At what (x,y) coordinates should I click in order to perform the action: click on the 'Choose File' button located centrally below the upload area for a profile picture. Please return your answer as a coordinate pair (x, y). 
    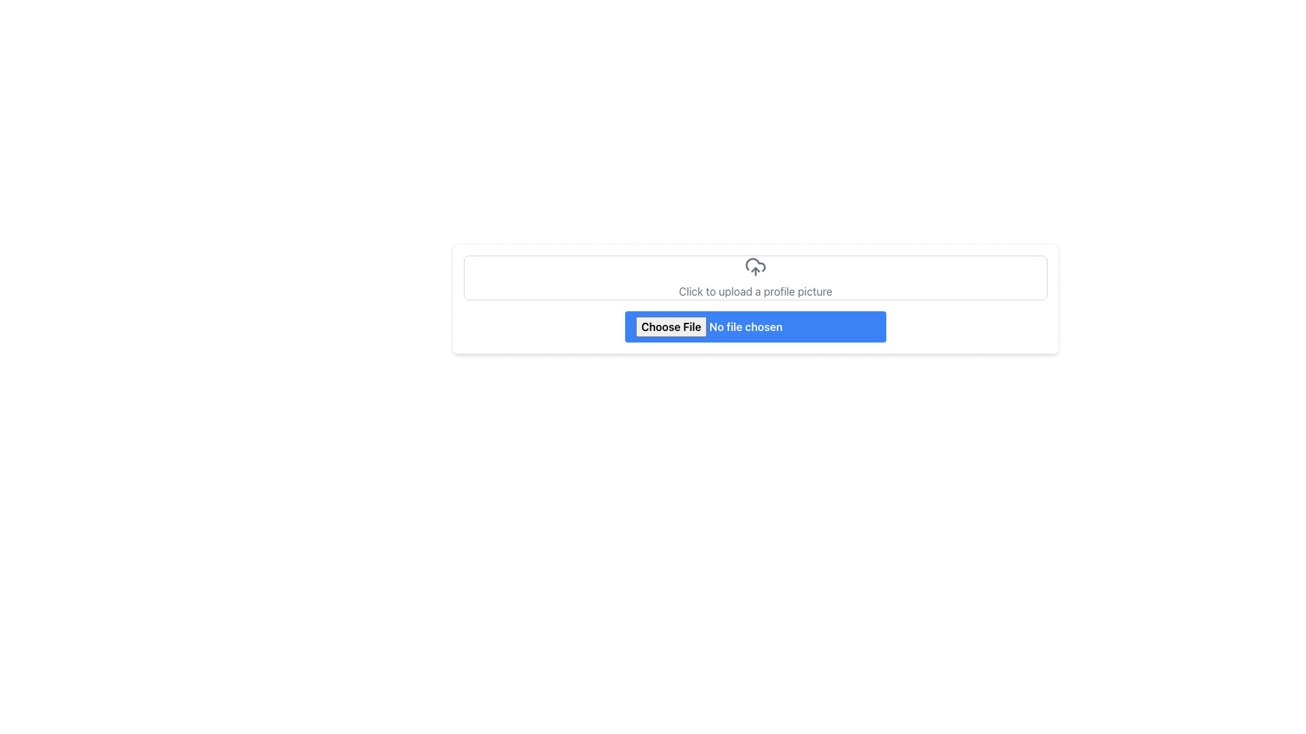
    Looking at the image, I should click on (754, 336).